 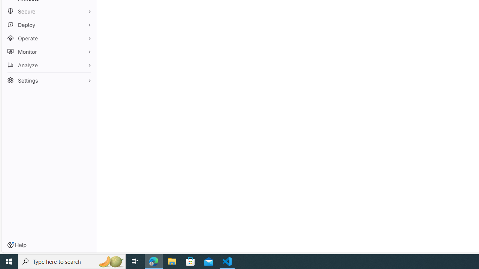 What do you see at coordinates (49, 11) in the screenshot?
I see `'Secure'` at bounding box center [49, 11].